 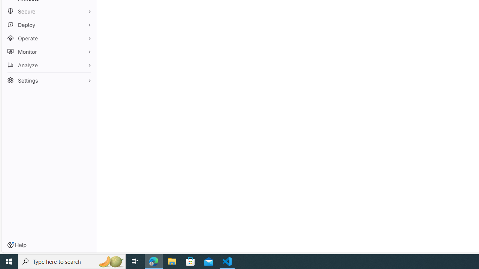 What do you see at coordinates (49, 11) in the screenshot?
I see `'Secure'` at bounding box center [49, 11].